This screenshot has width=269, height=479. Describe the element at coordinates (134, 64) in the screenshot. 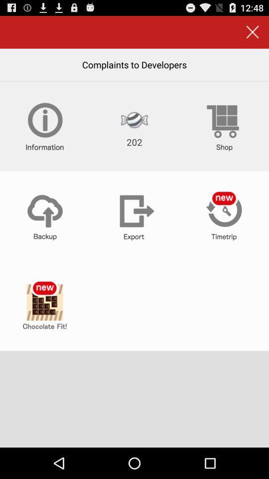

I see `the complaints to developers` at that location.